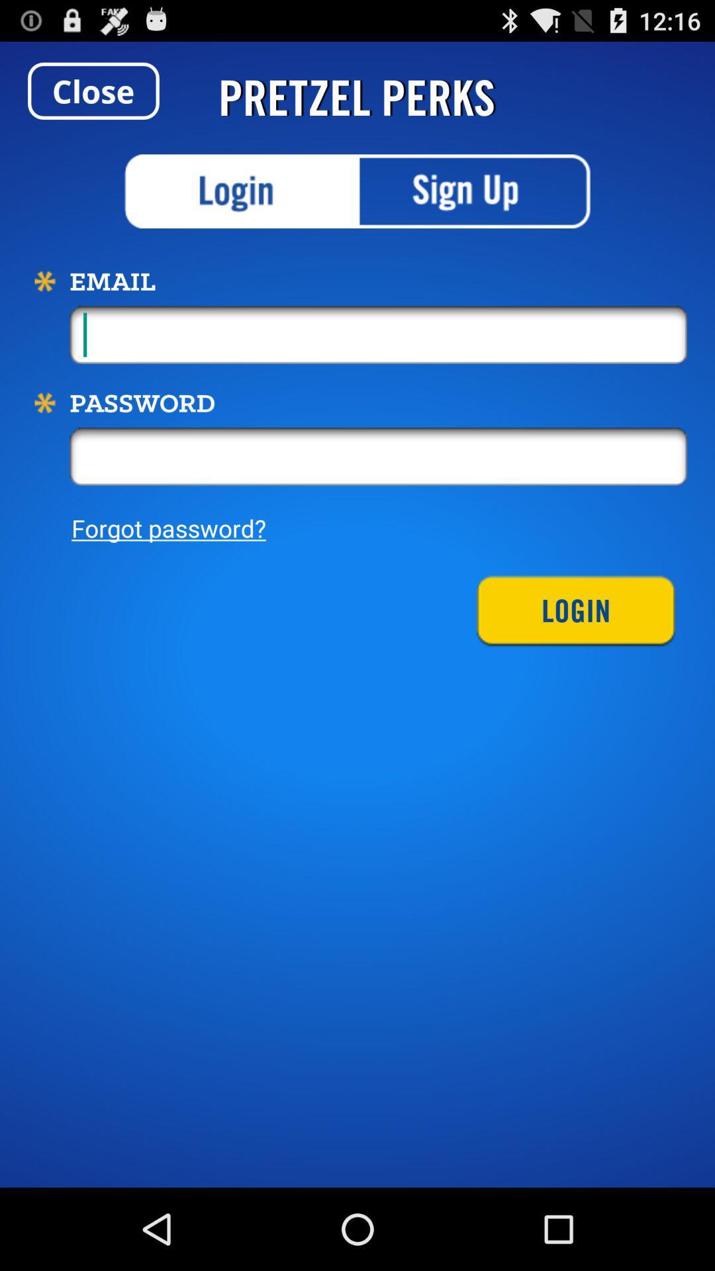 The image size is (715, 1271). Describe the element at coordinates (473, 191) in the screenshot. I see `sign up` at that location.